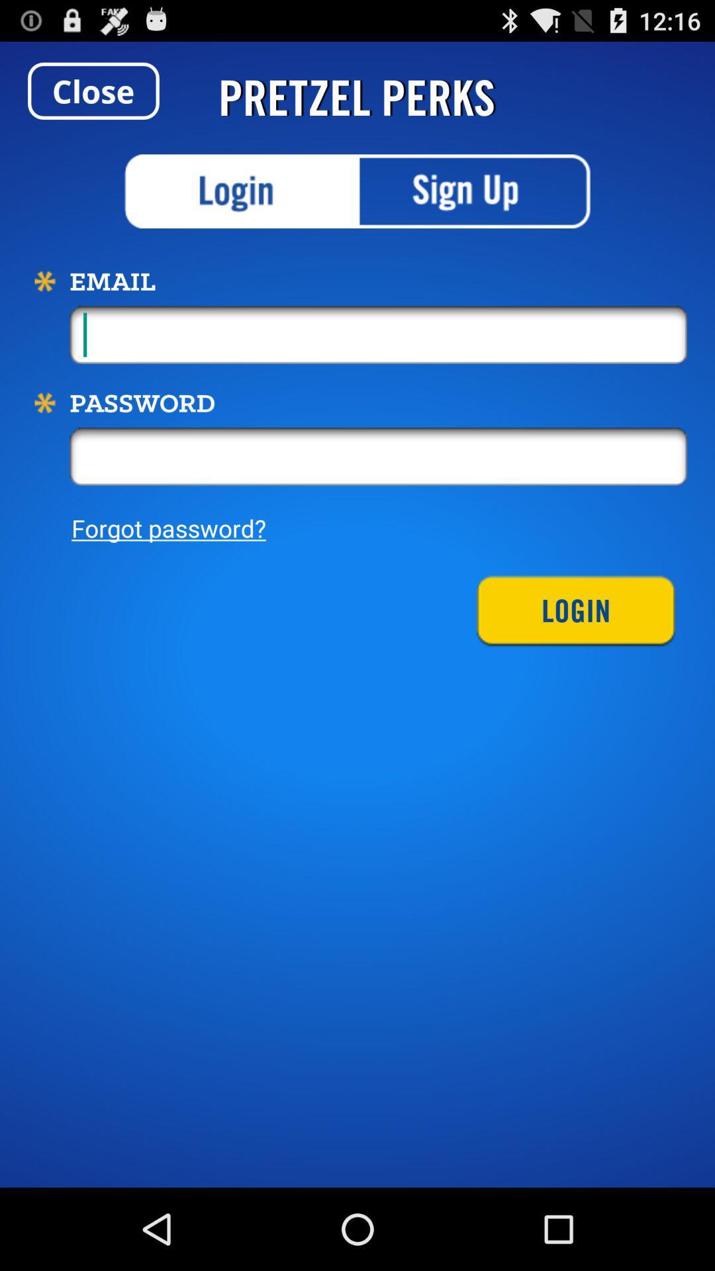 The image size is (715, 1271). Describe the element at coordinates (473, 191) in the screenshot. I see `sign up` at that location.